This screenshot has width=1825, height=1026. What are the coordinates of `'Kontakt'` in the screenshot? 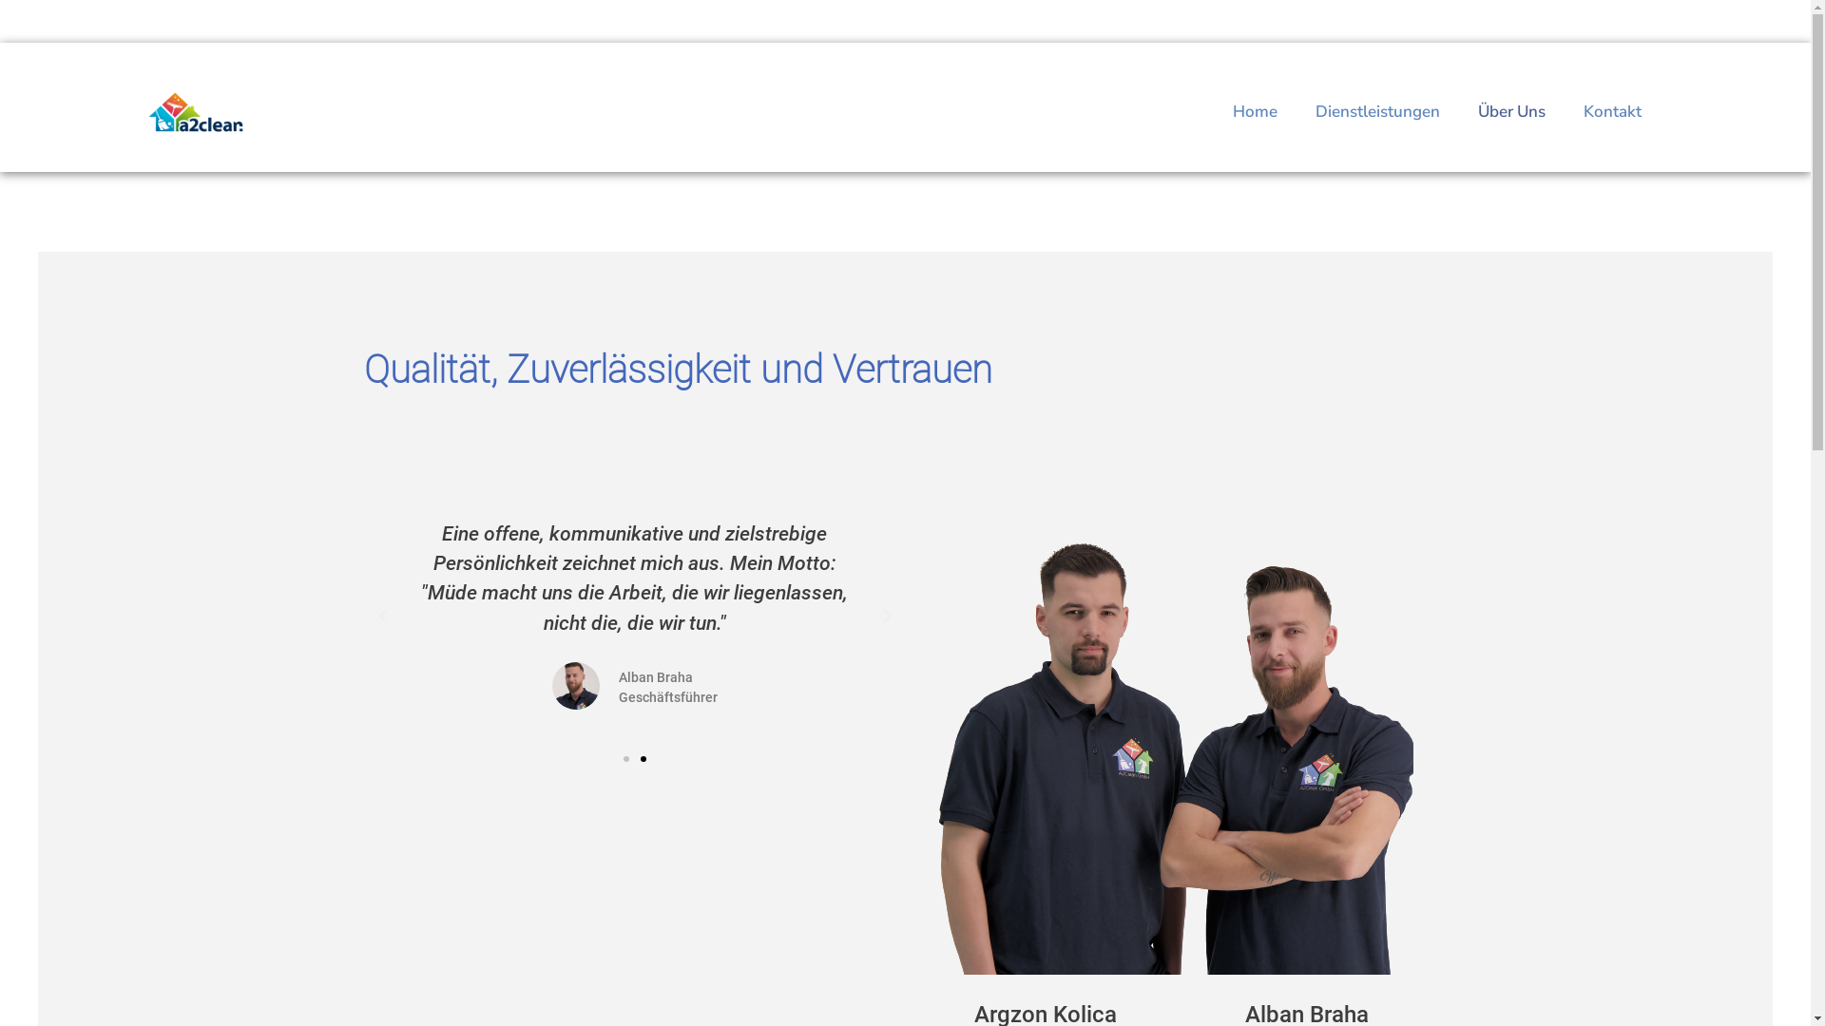 It's located at (1611, 111).